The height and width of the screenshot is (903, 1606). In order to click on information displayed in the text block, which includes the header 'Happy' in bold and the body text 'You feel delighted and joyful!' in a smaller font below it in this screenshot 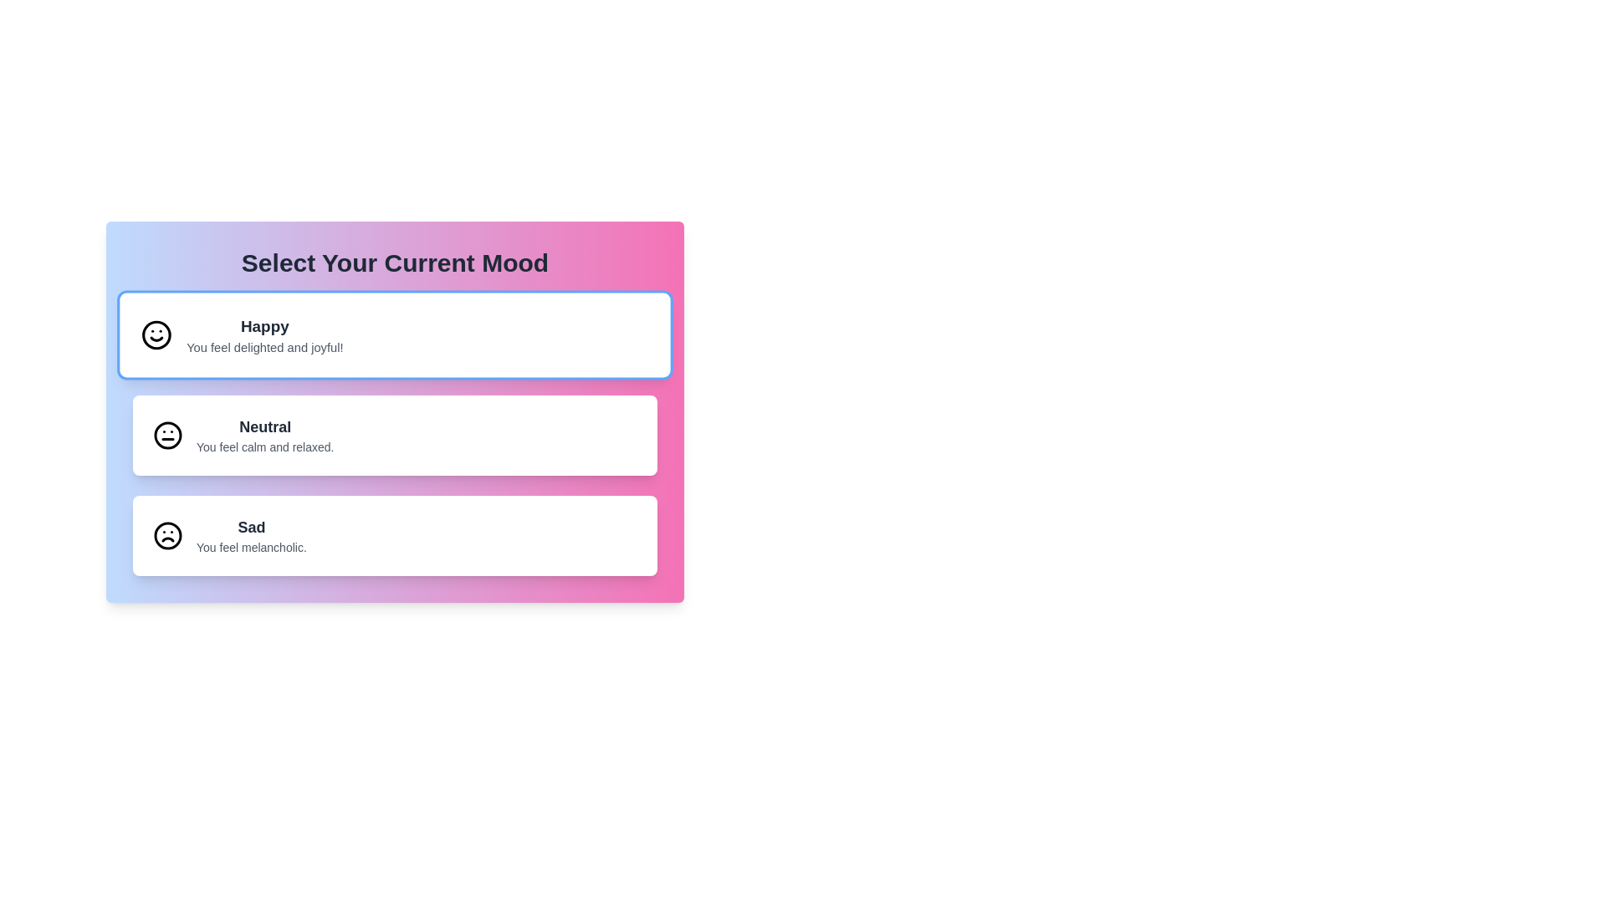, I will do `click(263, 335)`.